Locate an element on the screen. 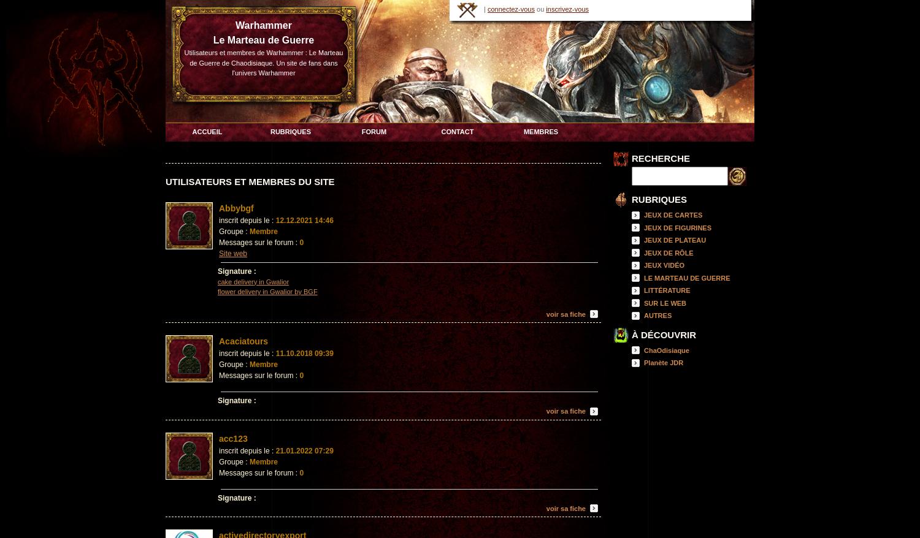 The width and height of the screenshot is (920, 538). 'LE MARTEAU DE GUERRE' is located at coordinates (644, 276).